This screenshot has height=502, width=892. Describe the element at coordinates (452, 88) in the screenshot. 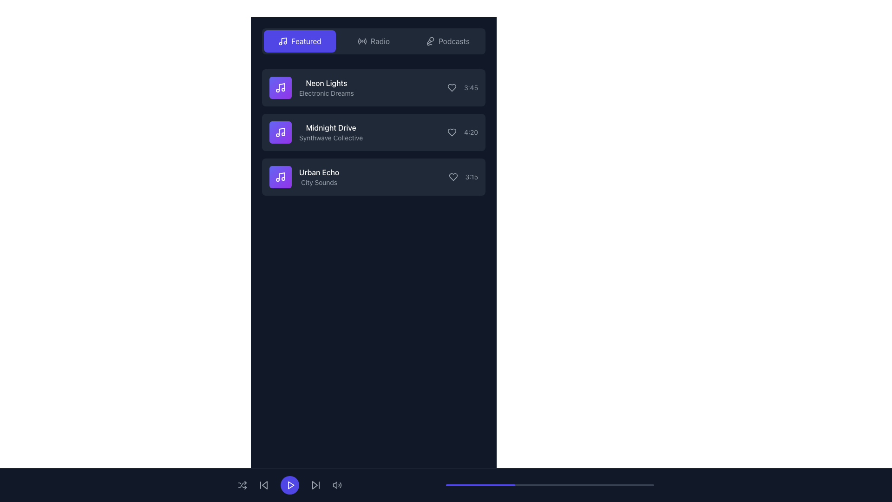

I see `the heart-shaped favorite button located to the left of the time indicator '3:45' associated with the song 'Neon Lights'` at that location.